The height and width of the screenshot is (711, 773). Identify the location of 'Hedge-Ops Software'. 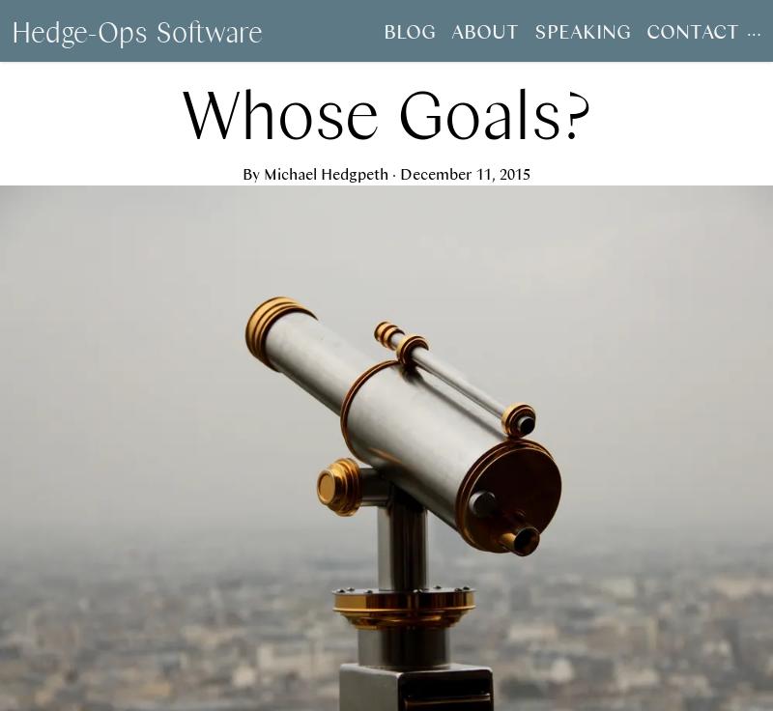
(137, 30).